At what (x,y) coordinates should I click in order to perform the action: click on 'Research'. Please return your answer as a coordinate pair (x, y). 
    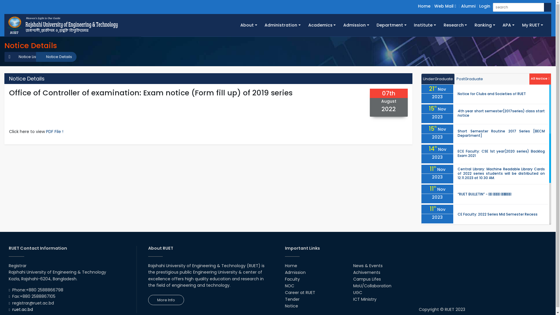
    Looking at the image, I should click on (440, 25).